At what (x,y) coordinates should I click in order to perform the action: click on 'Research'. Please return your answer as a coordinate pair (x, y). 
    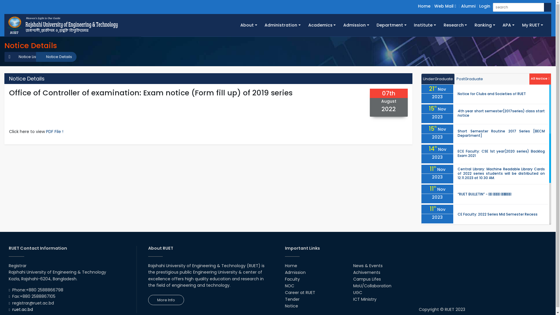
    Looking at the image, I should click on (440, 25).